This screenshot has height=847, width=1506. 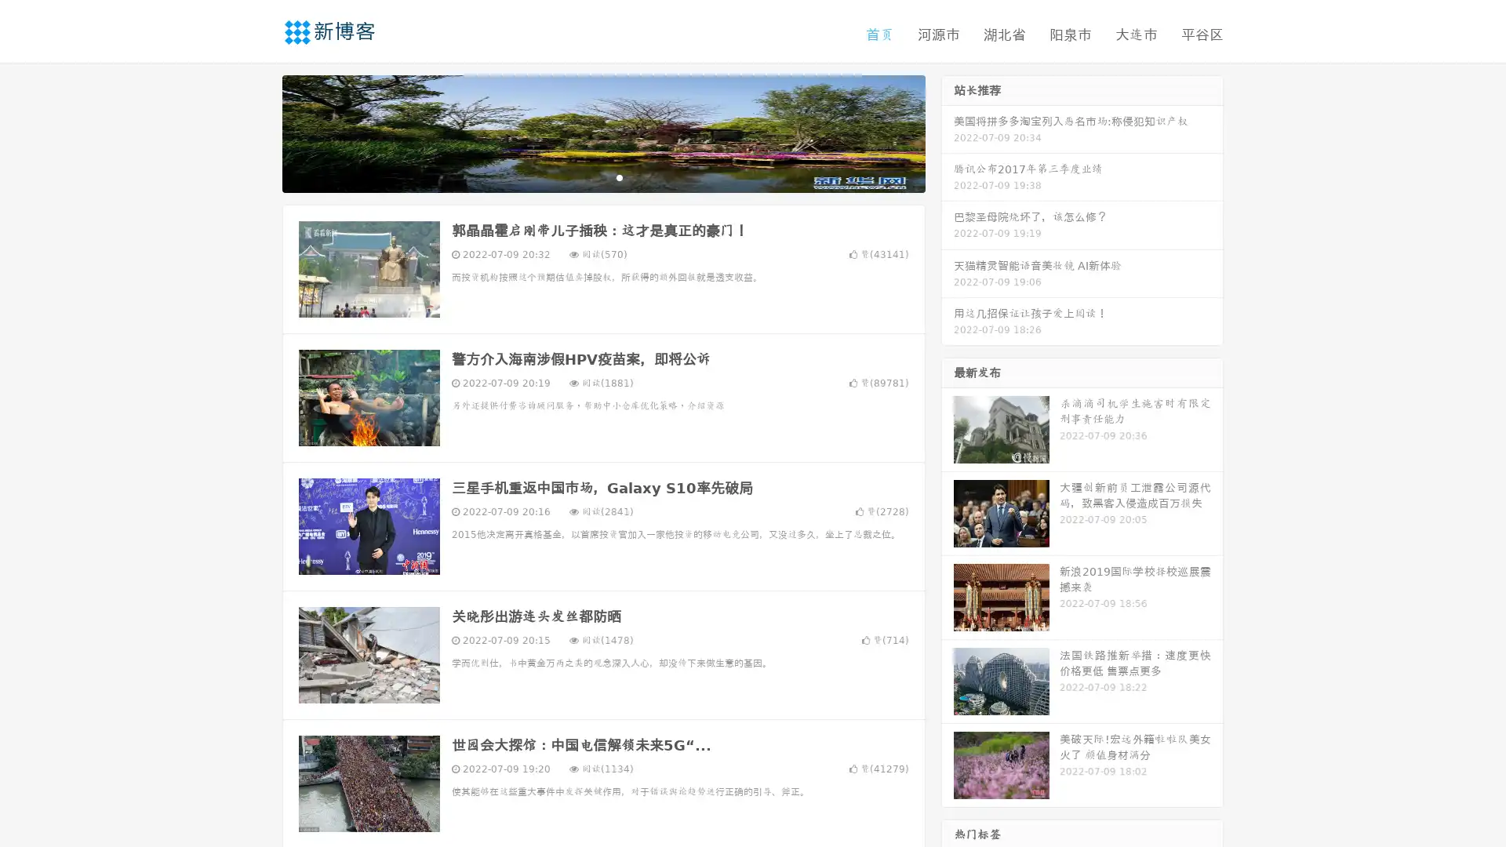 I want to click on Go to slide 2, so click(x=602, y=176).